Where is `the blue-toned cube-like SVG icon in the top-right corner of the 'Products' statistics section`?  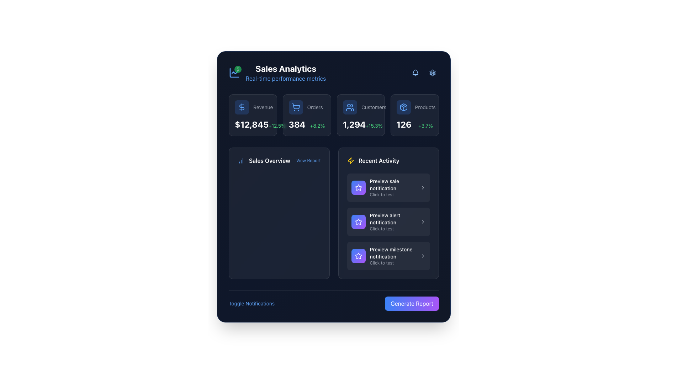
the blue-toned cube-like SVG icon in the top-right corner of the 'Products' statistics section is located at coordinates (404, 107).